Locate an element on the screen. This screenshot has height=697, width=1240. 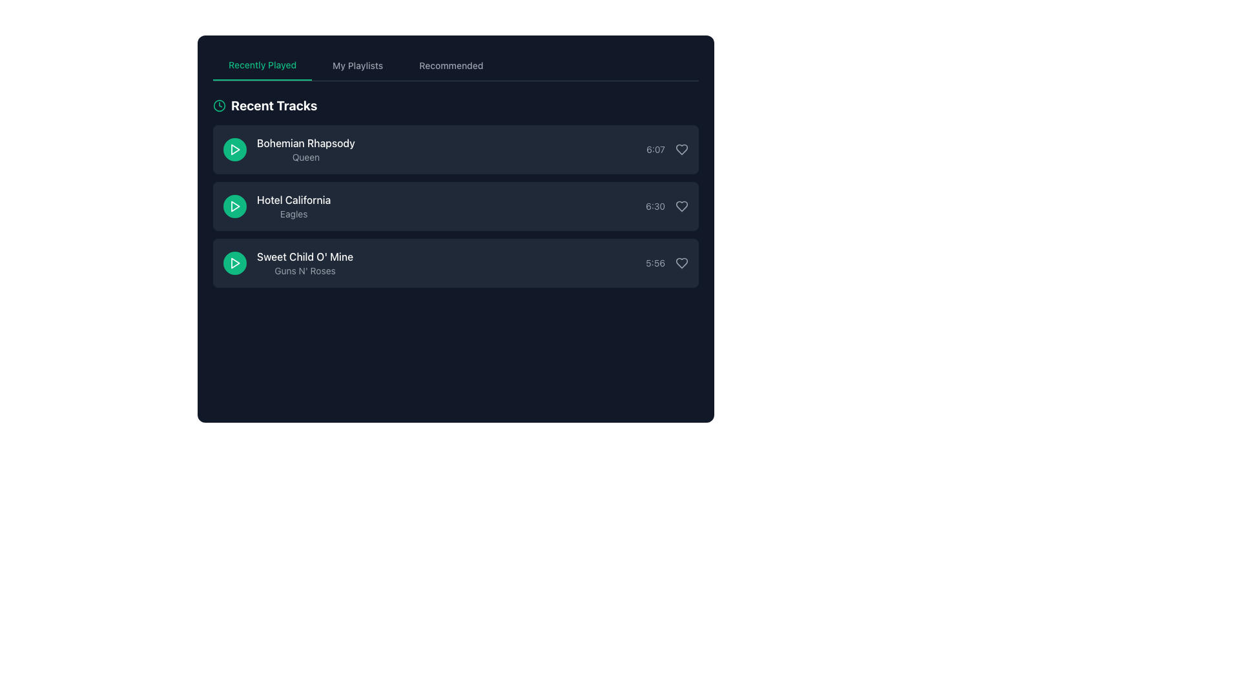
and drag the interactive list item representing the track 'Hotel California' by 'Eagles' to reorder it in the 'Recent Tracks' section is located at coordinates (455, 206).